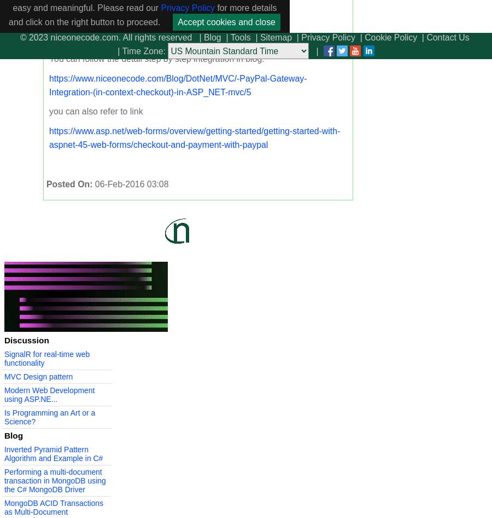  I want to click on 'Sitemap', so click(275, 37).